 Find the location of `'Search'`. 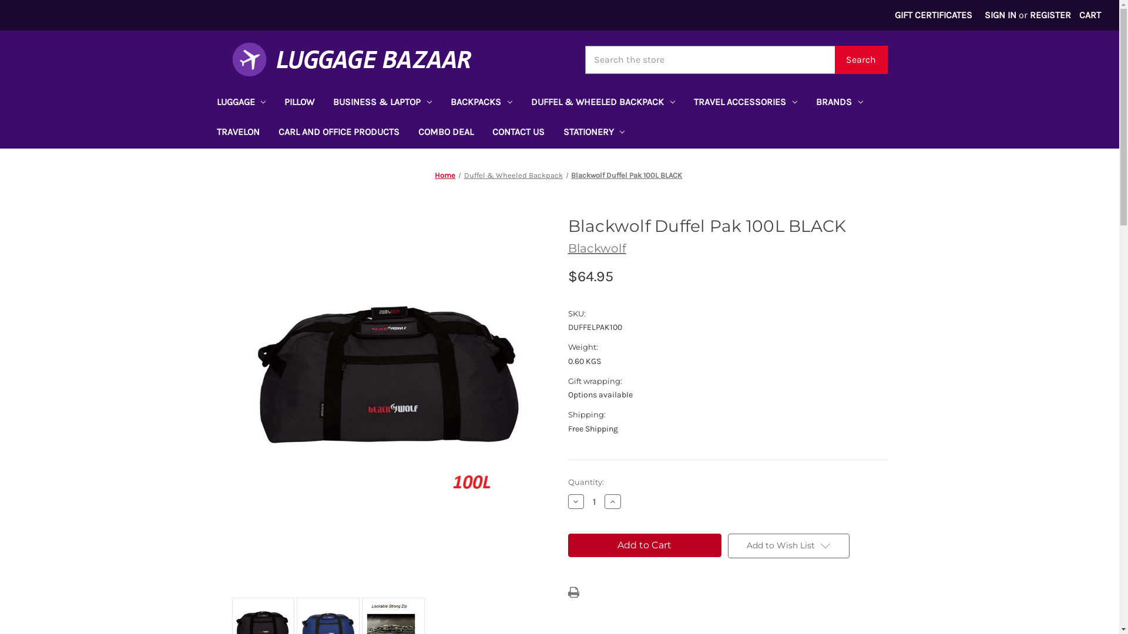

'Search' is located at coordinates (834, 59).